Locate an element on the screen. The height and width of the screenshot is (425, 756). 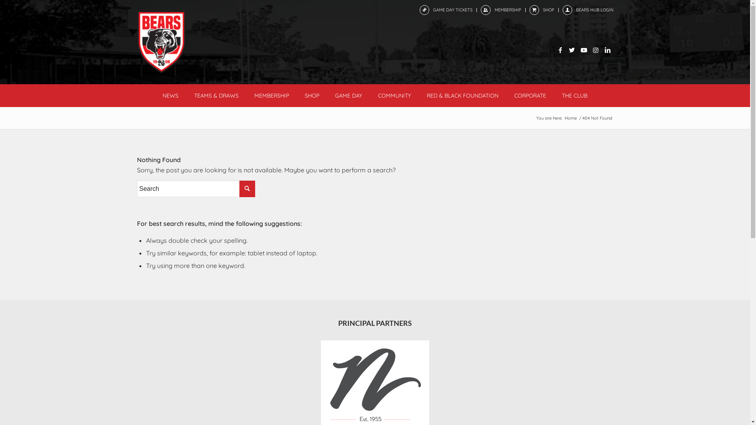
'NEWS' is located at coordinates (170, 95).